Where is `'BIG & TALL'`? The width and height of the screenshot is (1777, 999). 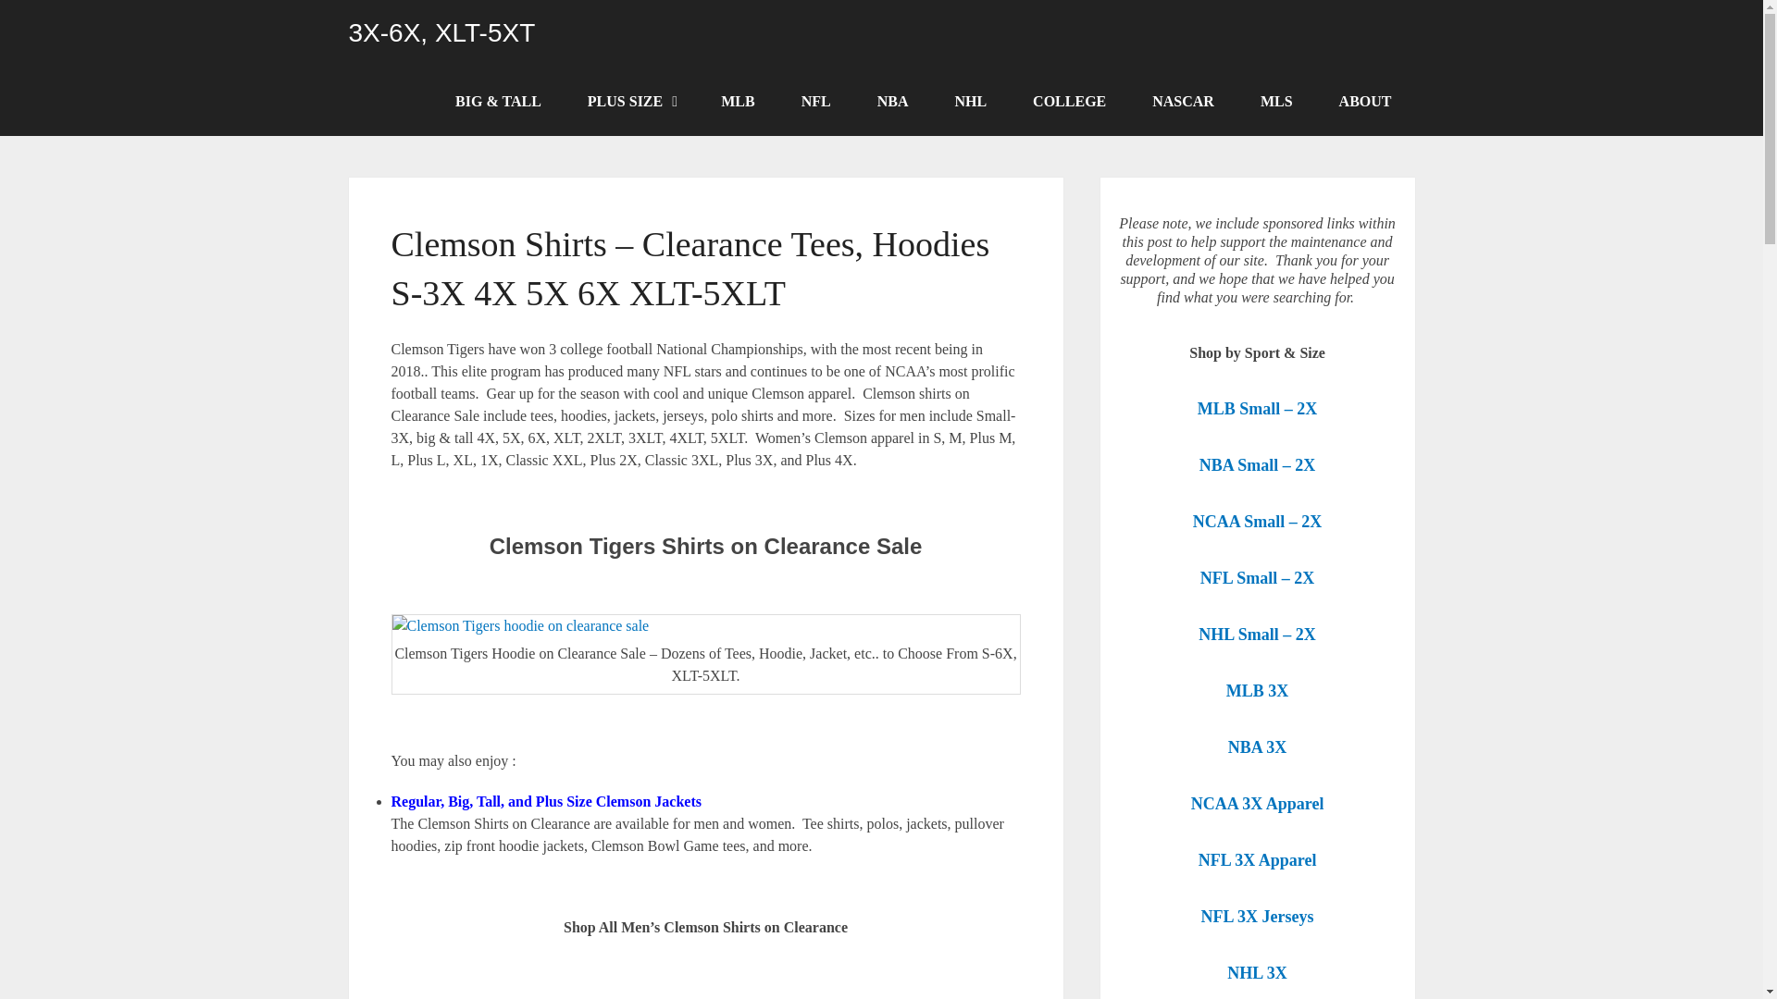
'BIG & TALL' is located at coordinates (430, 102).